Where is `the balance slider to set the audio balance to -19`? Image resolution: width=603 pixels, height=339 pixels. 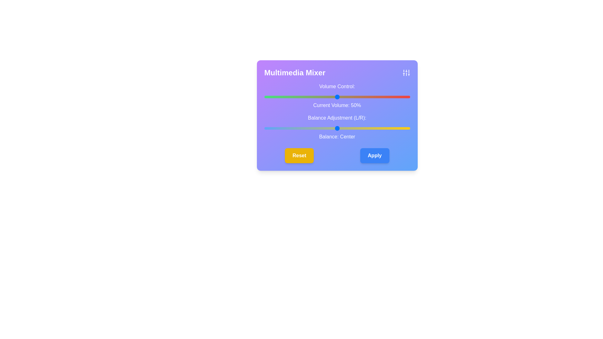
the balance slider to set the audio balance to -19 is located at coordinates (309, 128).